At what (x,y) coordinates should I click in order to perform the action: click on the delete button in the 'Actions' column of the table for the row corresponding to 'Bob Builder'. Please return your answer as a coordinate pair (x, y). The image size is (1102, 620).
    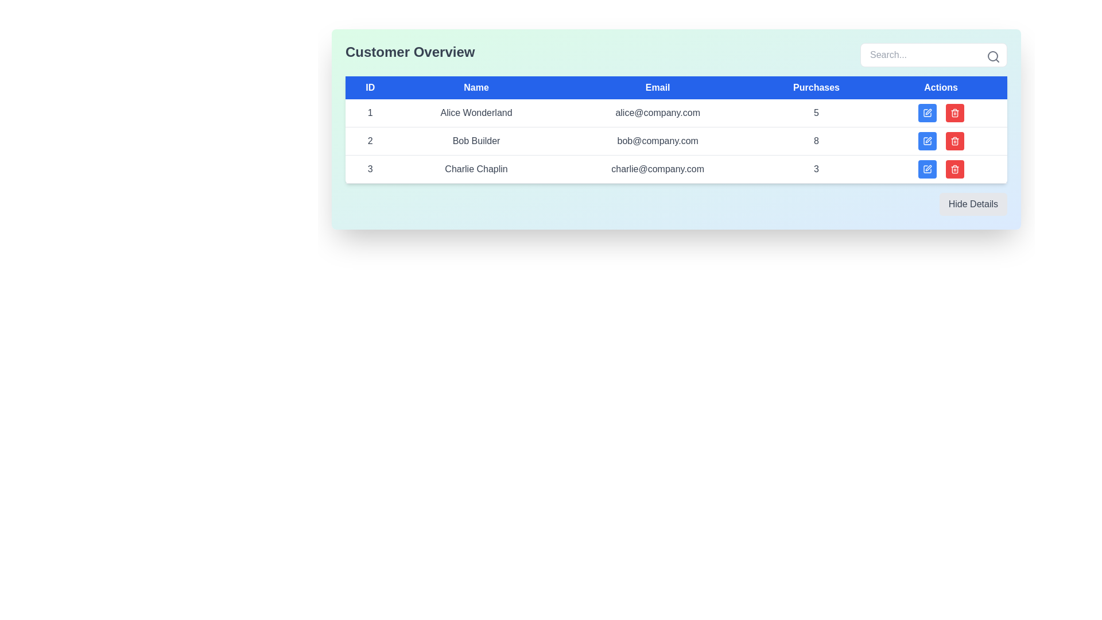
    Looking at the image, I should click on (954, 169).